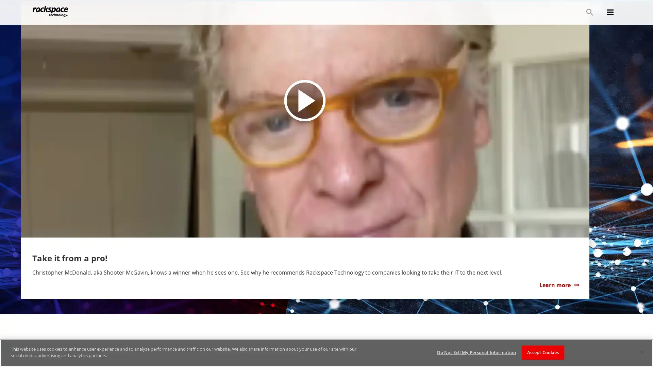  Describe the element at coordinates (542, 352) in the screenshot. I see `Accept Cookies` at that location.